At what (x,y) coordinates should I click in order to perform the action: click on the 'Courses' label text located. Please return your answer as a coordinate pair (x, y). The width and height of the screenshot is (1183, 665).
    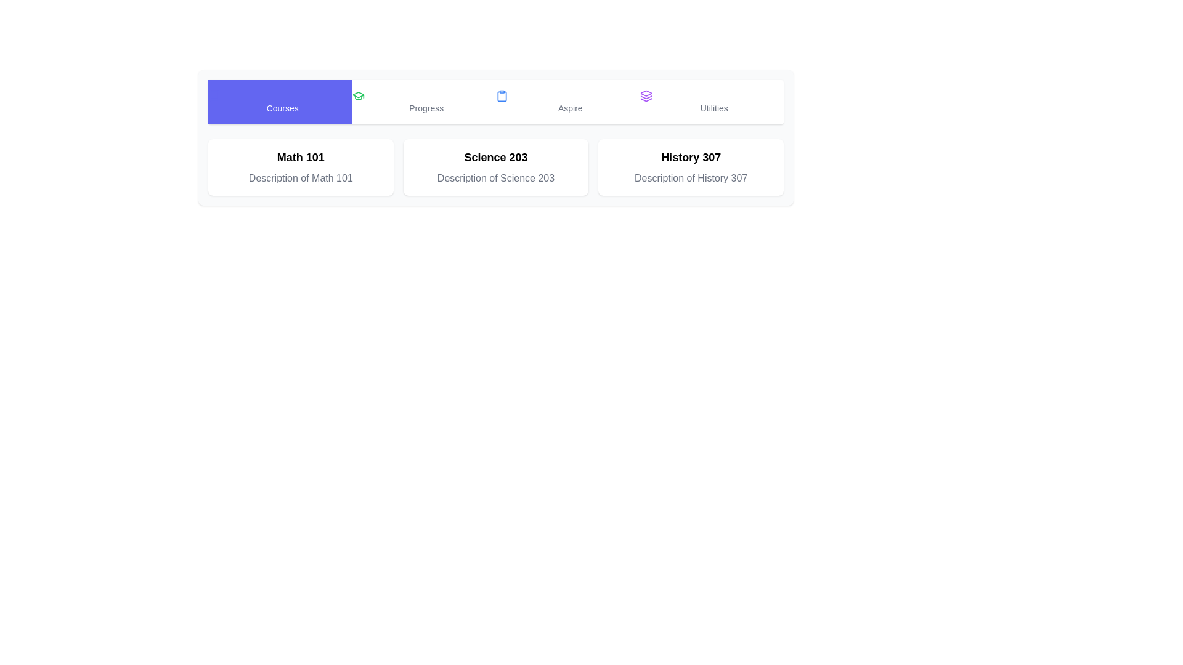
    Looking at the image, I should click on (282, 108).